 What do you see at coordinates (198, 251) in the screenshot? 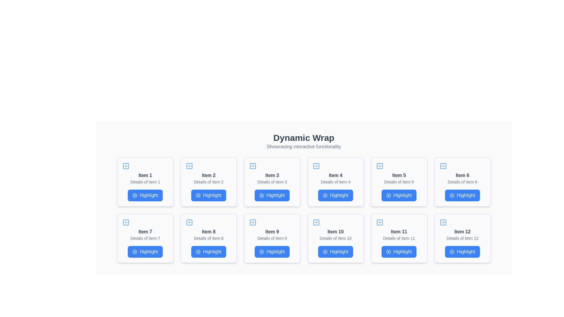
I see `the circular outline with a blue stroke that forms part of the plus icon located to the left of the text 'Highlight' for 'Item 8'` at bounding box center [198, 251].